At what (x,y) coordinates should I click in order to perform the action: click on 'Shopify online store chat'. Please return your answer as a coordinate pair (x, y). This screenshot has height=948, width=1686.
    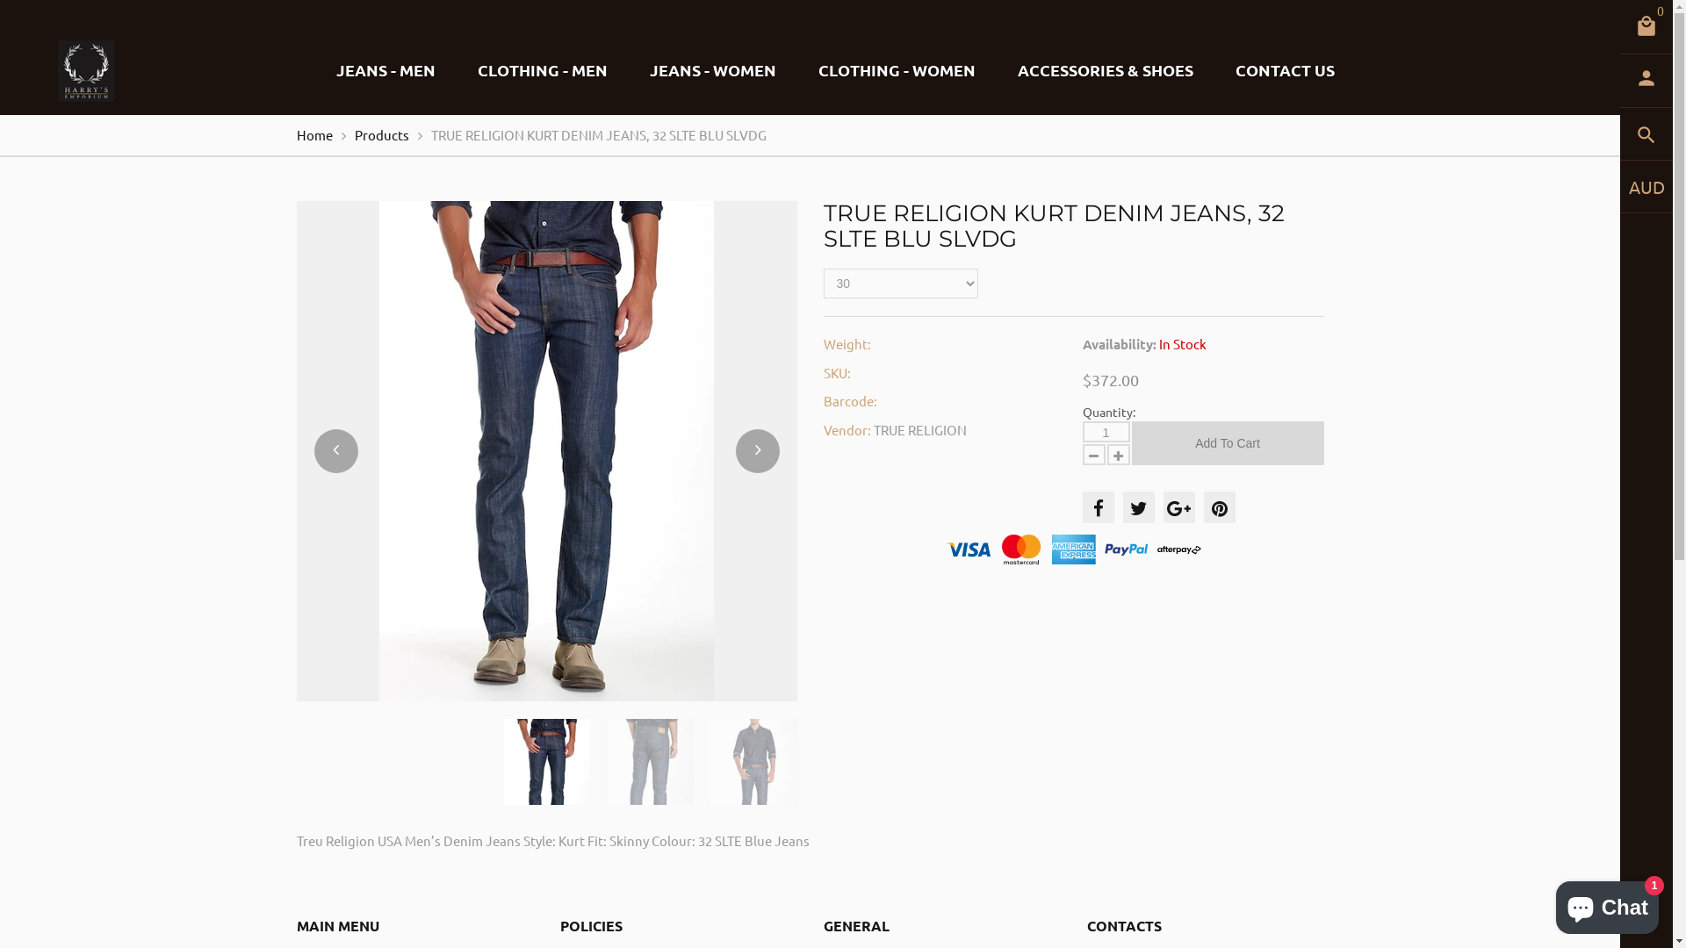
    Looking at the image, I should click on (1551, 903).